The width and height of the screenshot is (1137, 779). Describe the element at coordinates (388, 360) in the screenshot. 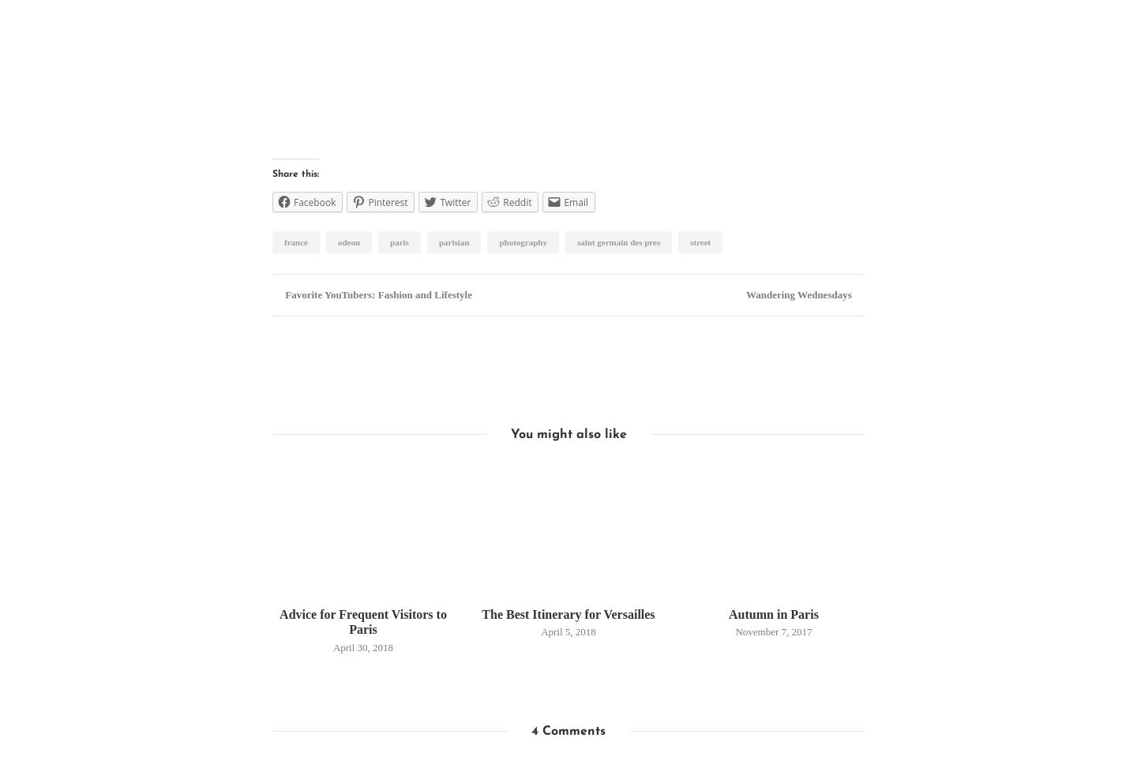

I see `'Hannah Wilson'` at that location.